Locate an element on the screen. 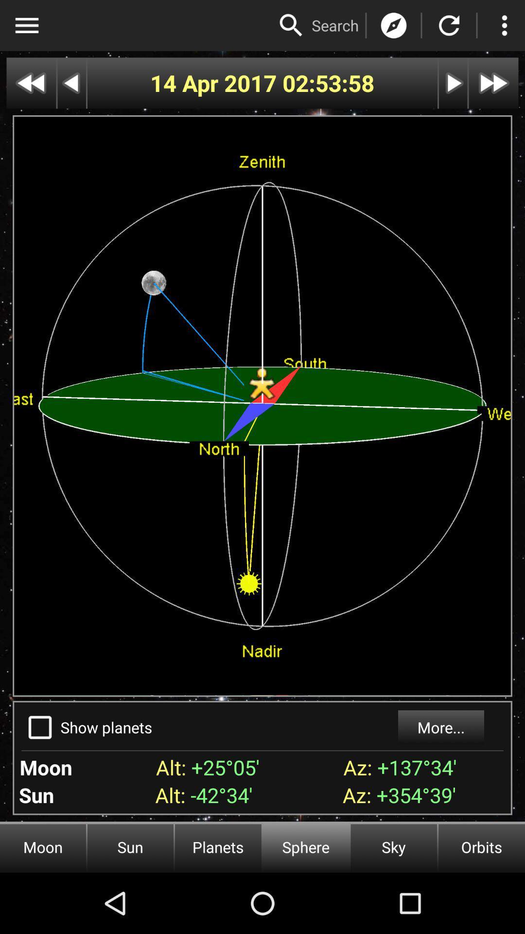 The width and height of the screenshot is (525, 934). compass calibration is located at coordinates (394, 25).